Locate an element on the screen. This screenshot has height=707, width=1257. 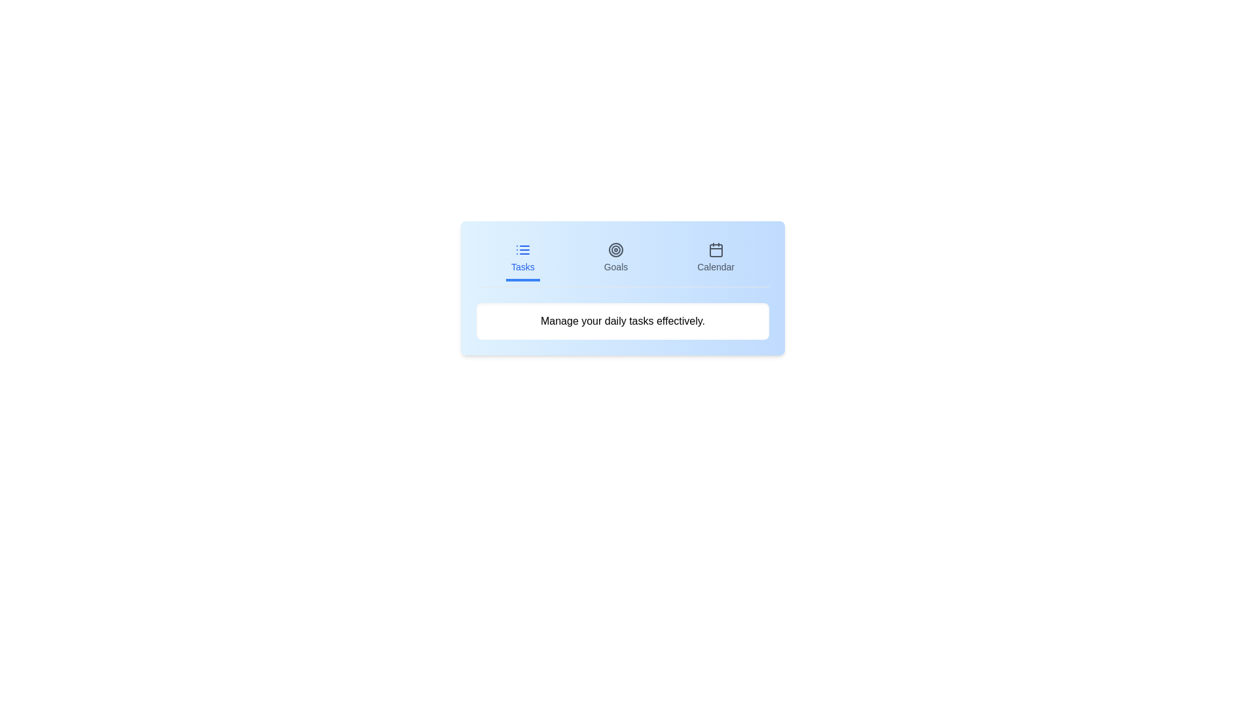
the Calendar tab to view its content is located at coordinates (715, 259).